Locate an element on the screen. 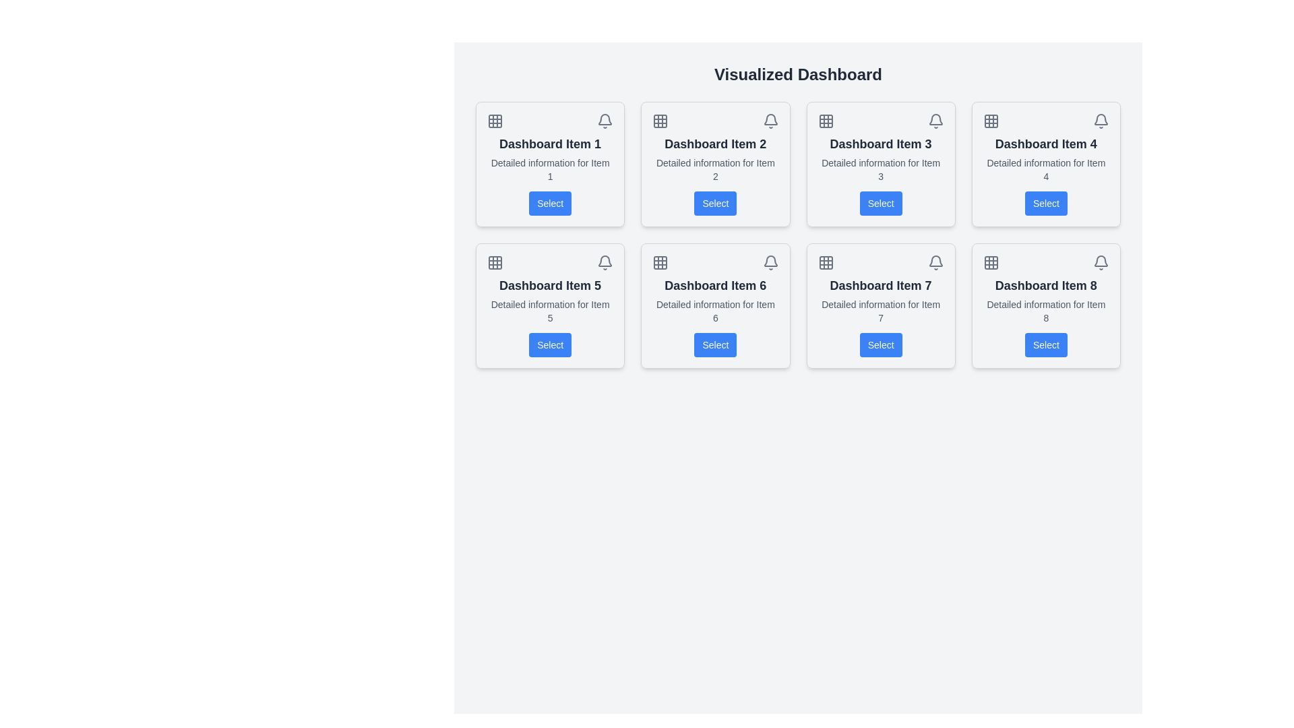 The image size is (1294, 728). the bell-shaped notification icon located in the top-right corner of the card labeled 'Dashboard Item 4' is located at coordinates (1101, 119).